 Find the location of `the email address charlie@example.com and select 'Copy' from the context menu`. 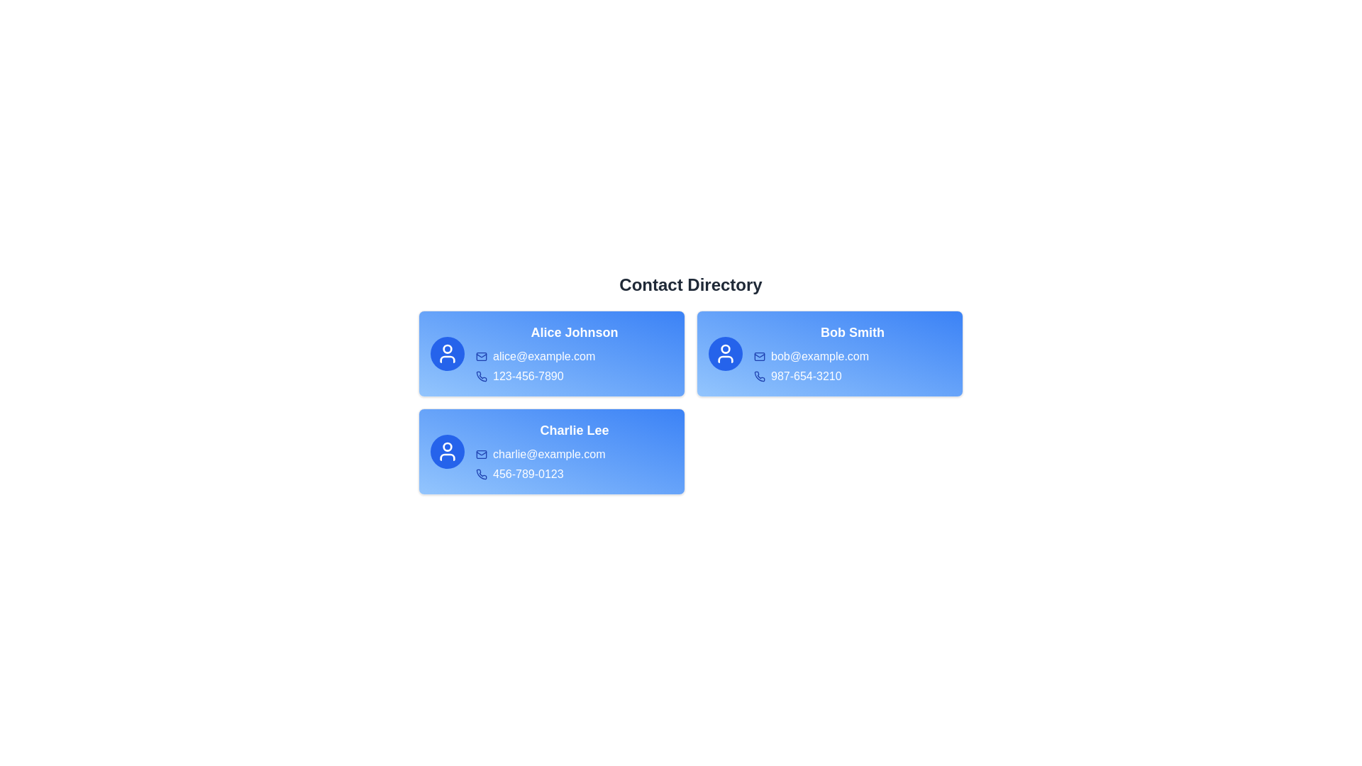

the email address charlie@example.com and select 'Copy' from the context menu is located at coordinates (575, 454).